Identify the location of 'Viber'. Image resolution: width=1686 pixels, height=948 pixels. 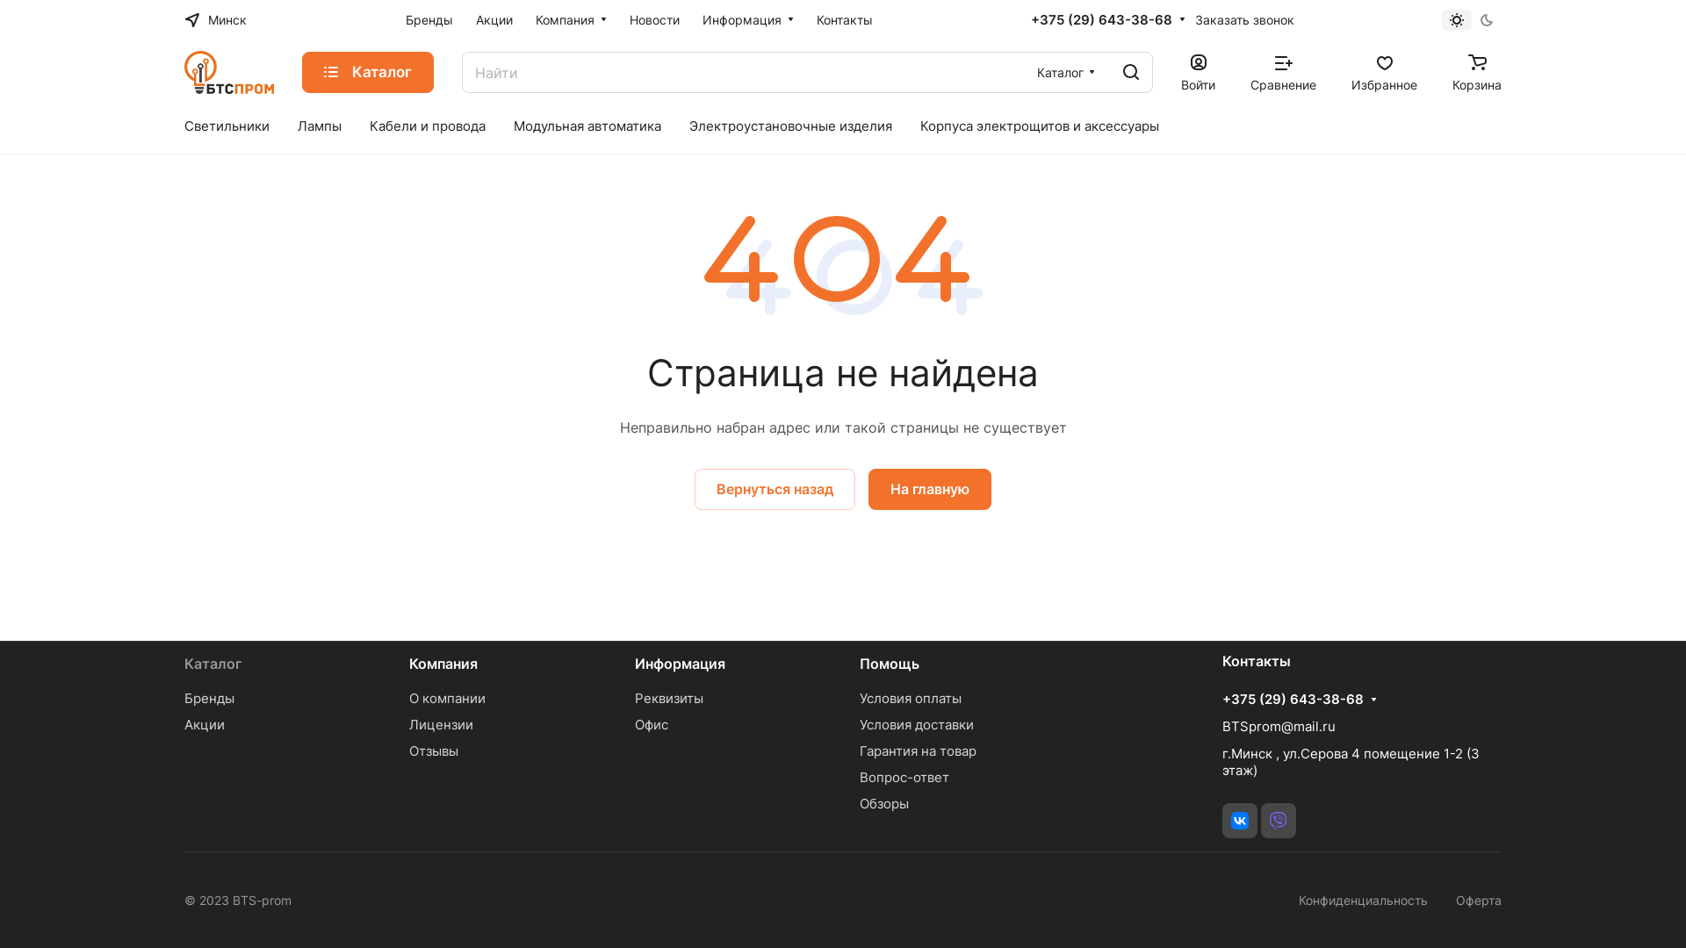
(1278, 820).